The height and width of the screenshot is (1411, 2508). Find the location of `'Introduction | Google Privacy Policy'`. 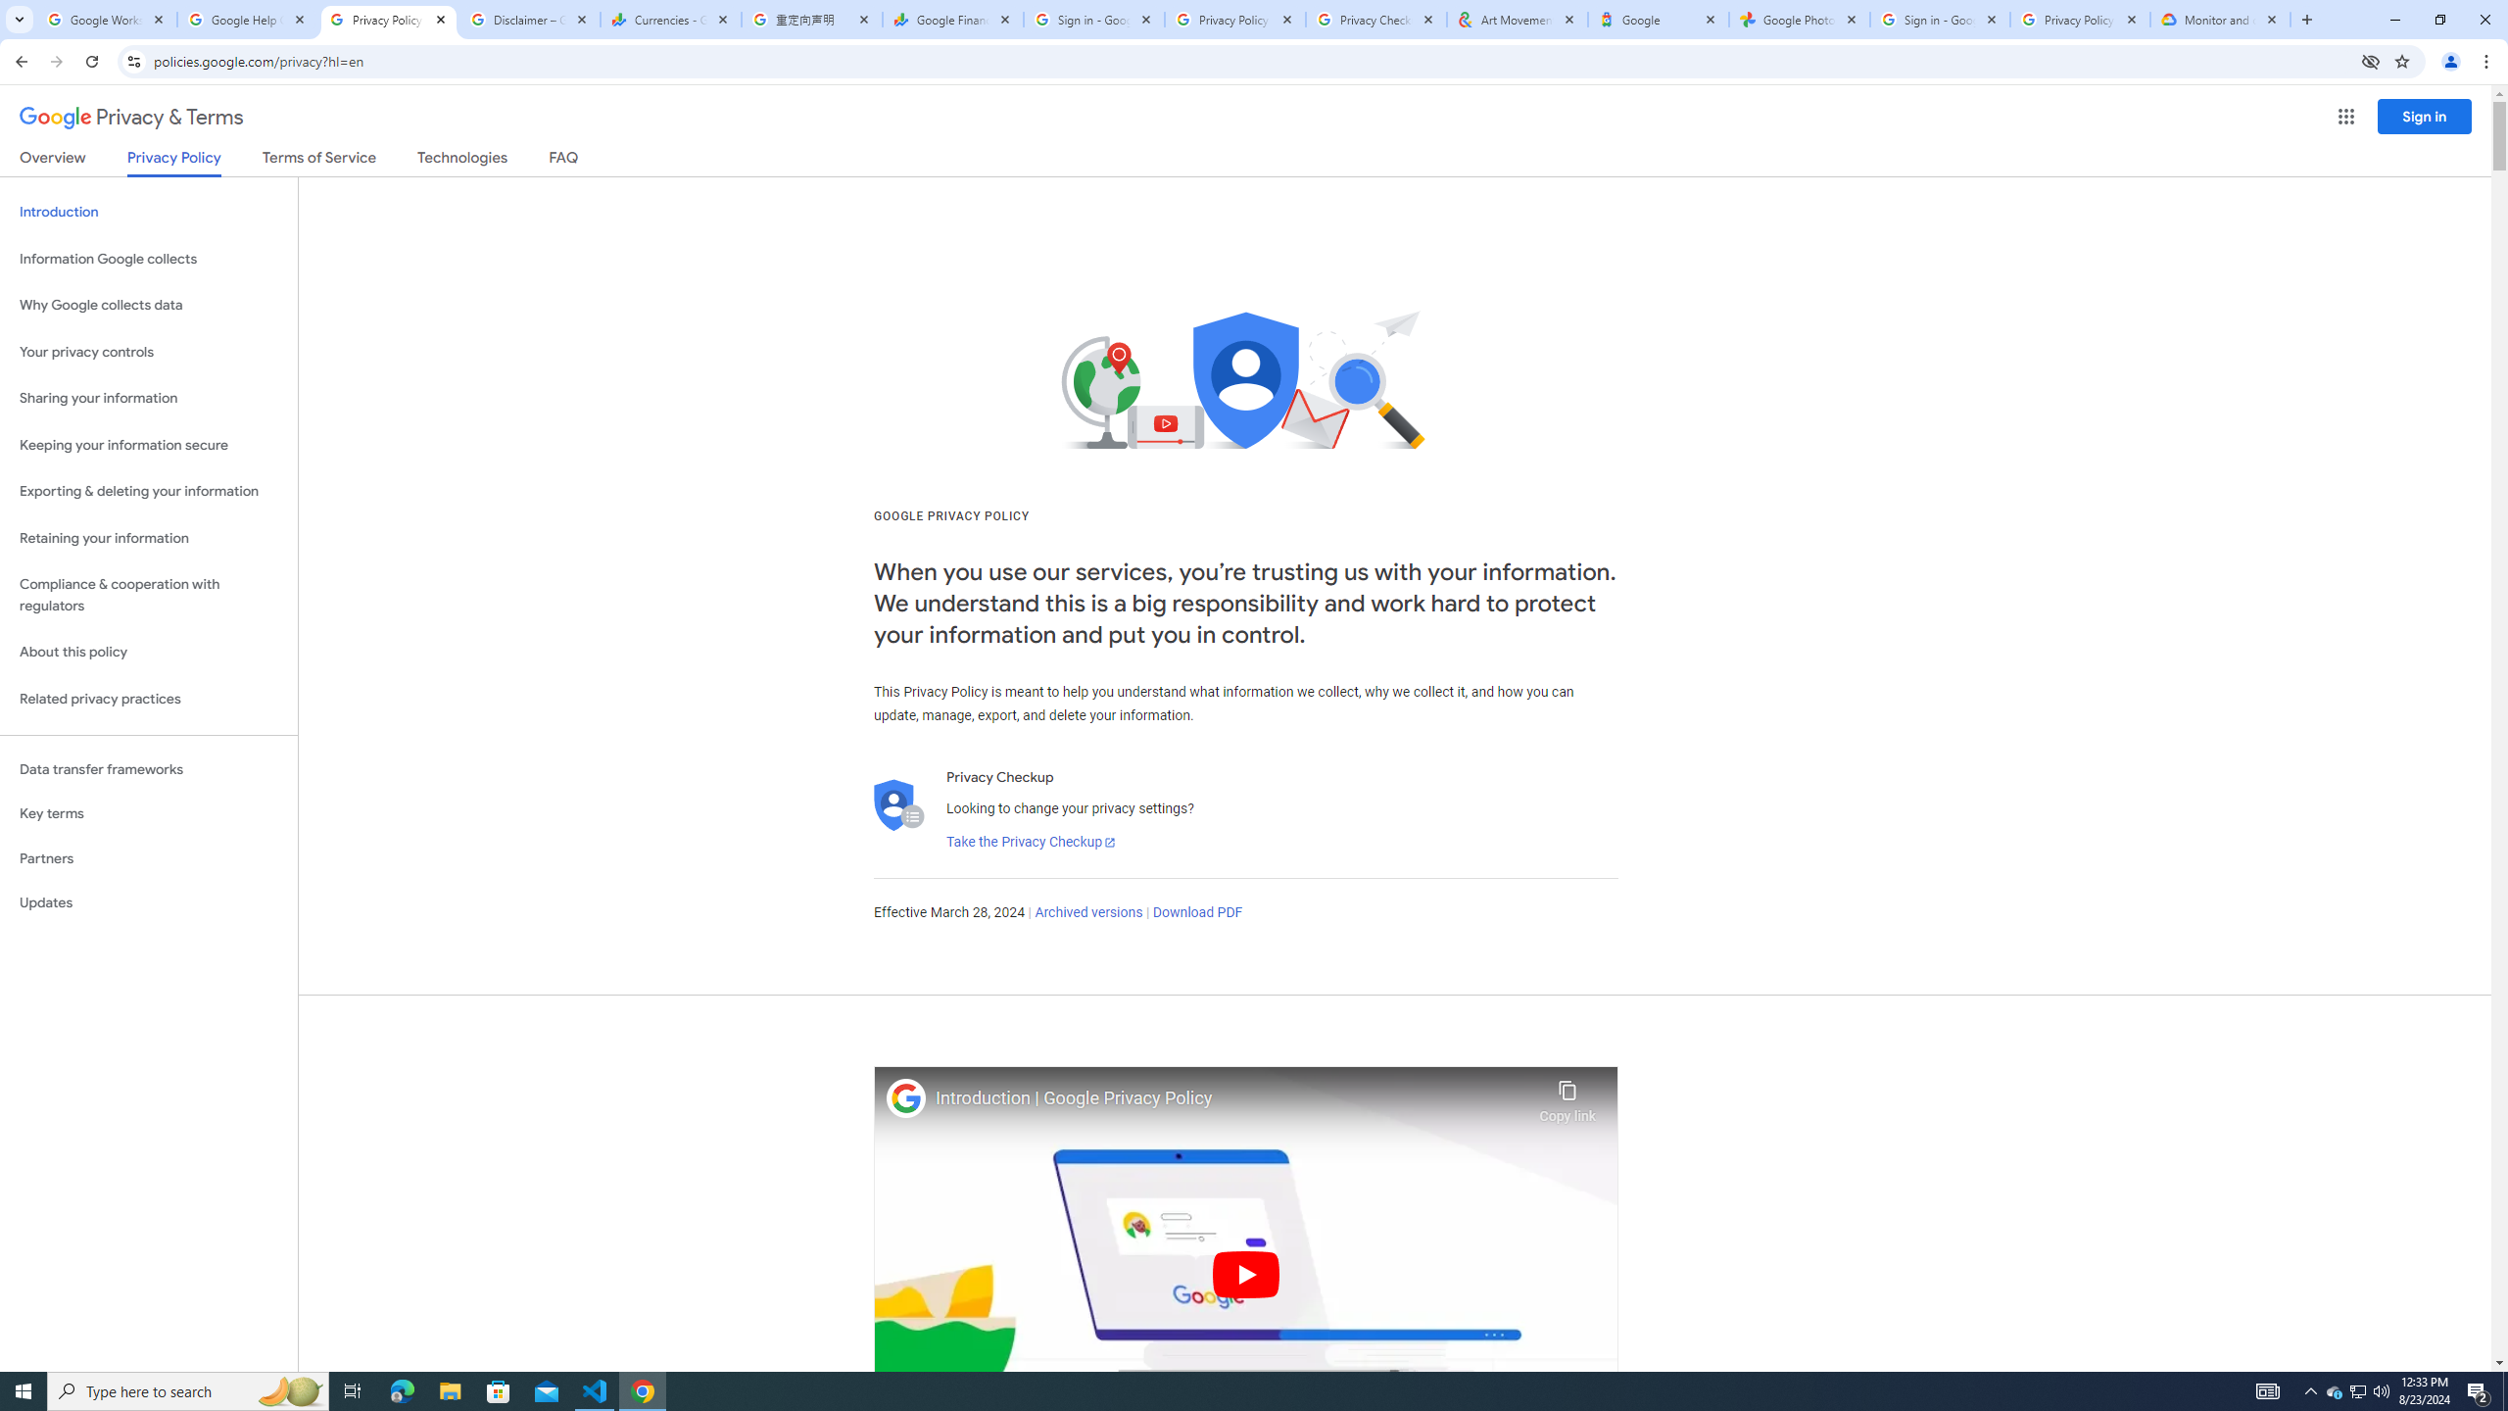

'Introduction | Google Privacy Policy' is located at coordinates (1231, 1098).